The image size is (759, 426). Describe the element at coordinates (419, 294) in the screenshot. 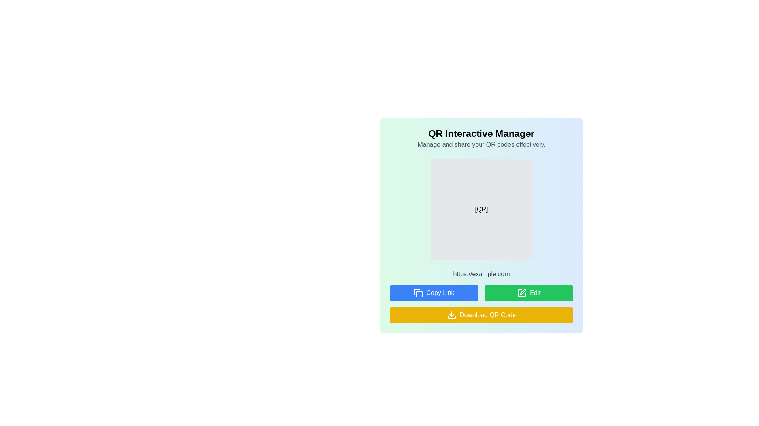

I see `the icon component of the copy link, which is centrally positioned within the copy link icon adjacent to the 'Copy Link' button` at that location.